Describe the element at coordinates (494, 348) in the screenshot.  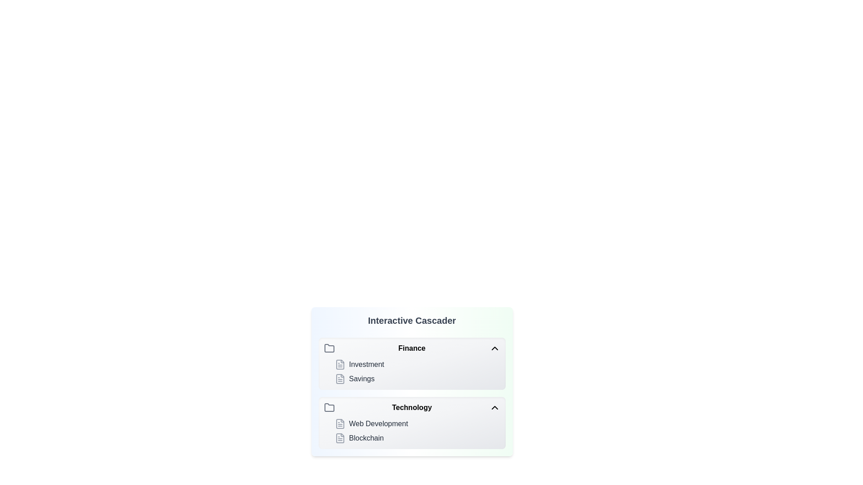
I see `the upward-pointing chevron icon located on the far-right side of the gray rectangular area labeled 'Finance'` at that location.